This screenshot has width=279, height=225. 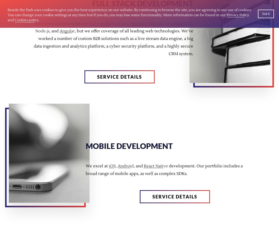 I want to click on 'Got it', so click(x=266, y=14).